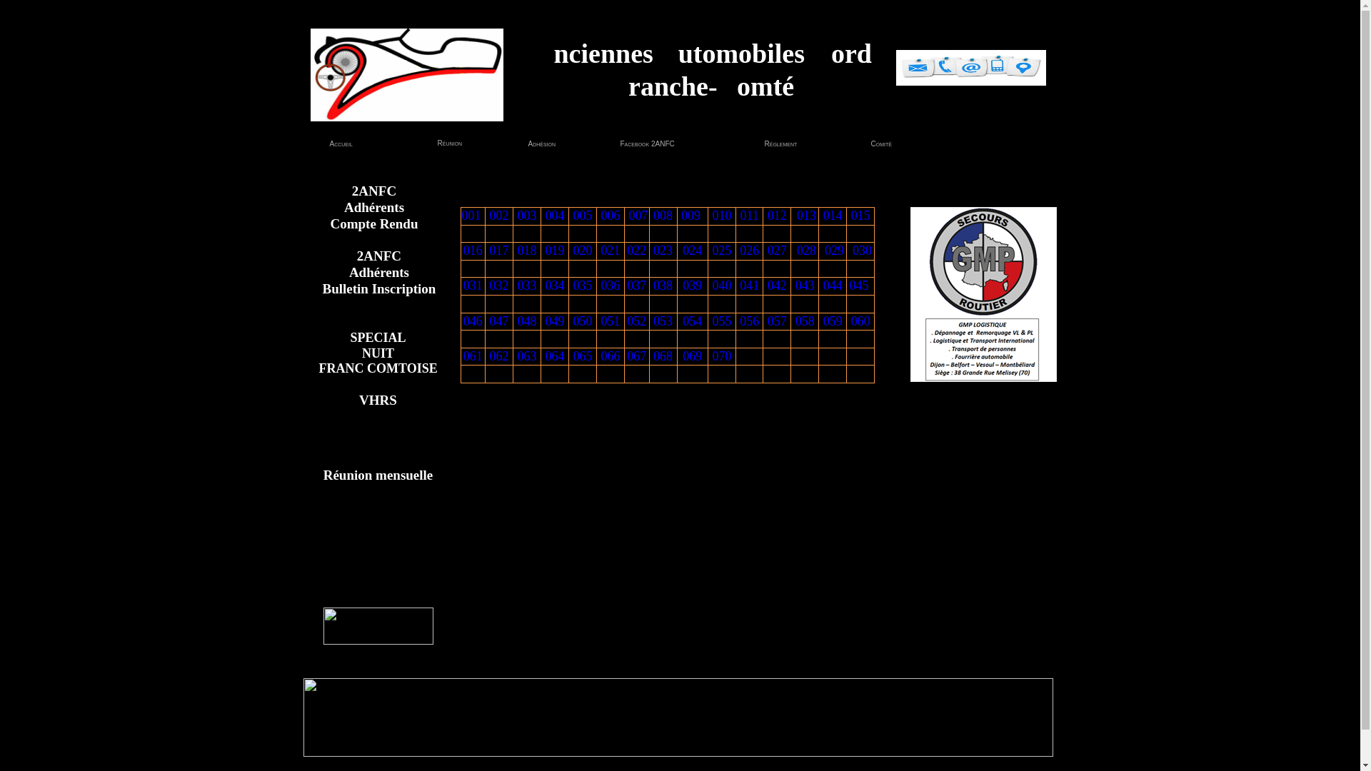 Image resolution: width=1371 pixels, height=771 pixels. What do you see at coordinates (642, 143) in the screenshot?
I see `'Facebook 2ANFC    '` at bounding box center [642, 143].